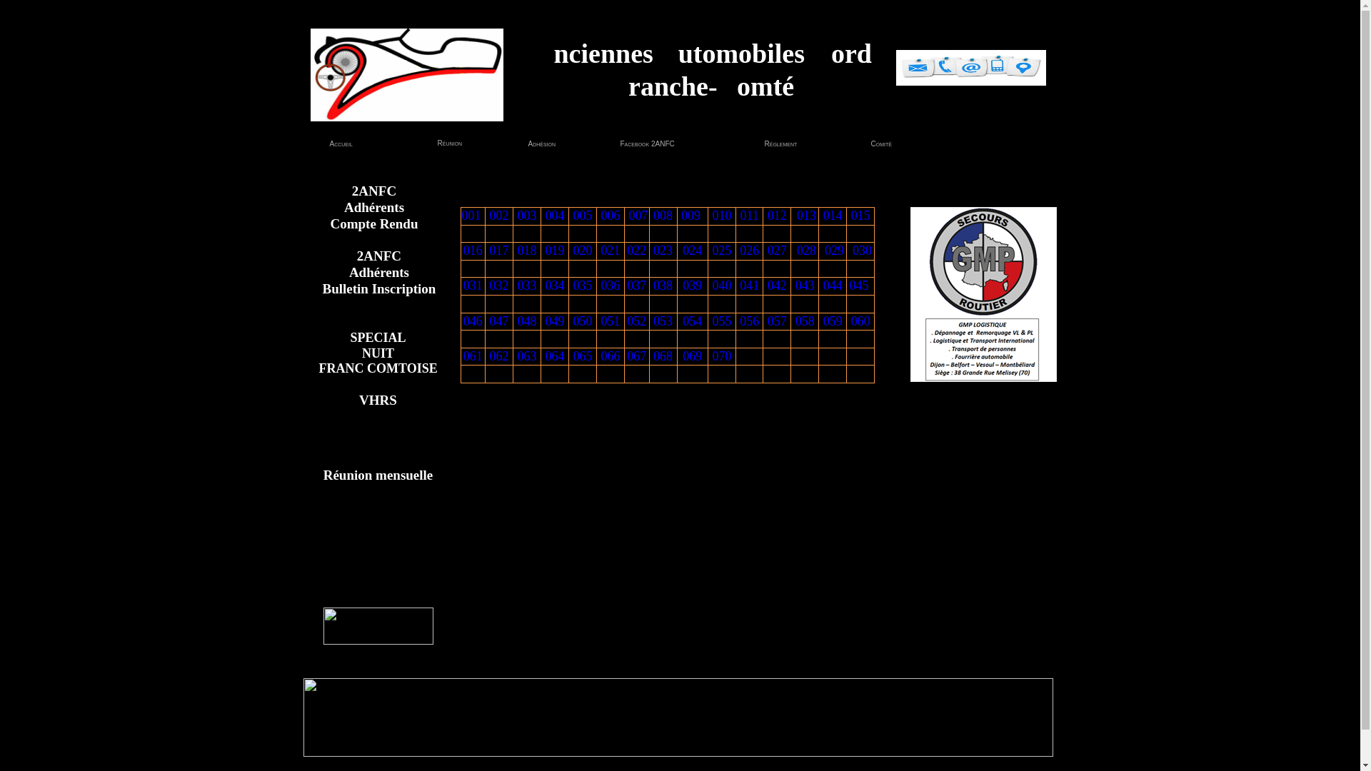 Image resolution: width=1371 pixels, height=771 pixels. What do you see at coordinates (642, 143) in the screenshot?
I see `'Facebook 2ANFC    '` at bounding box center [642, 143].